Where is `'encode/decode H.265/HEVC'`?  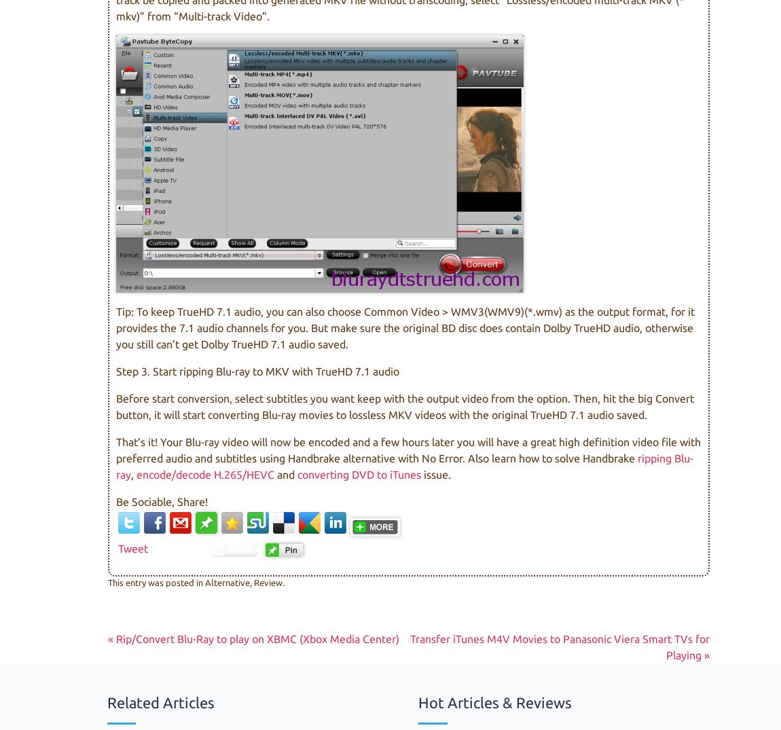 'encode/decode H.265/HEVC' is located at coordinates (205, 473).